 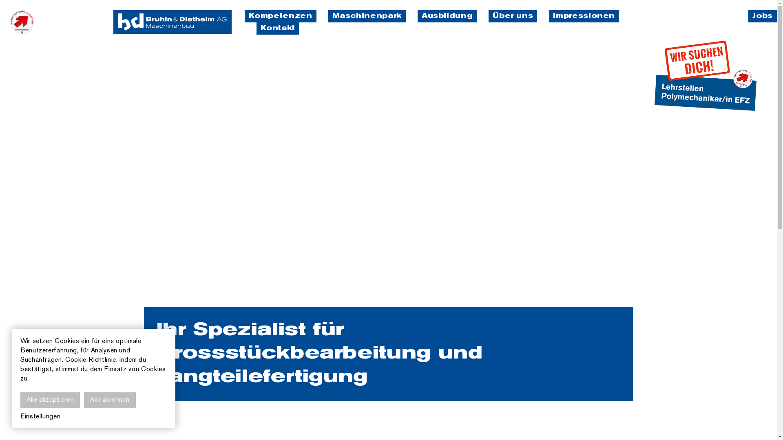 I want to click on 'Maschinenpark', so click(x=367, y=16).